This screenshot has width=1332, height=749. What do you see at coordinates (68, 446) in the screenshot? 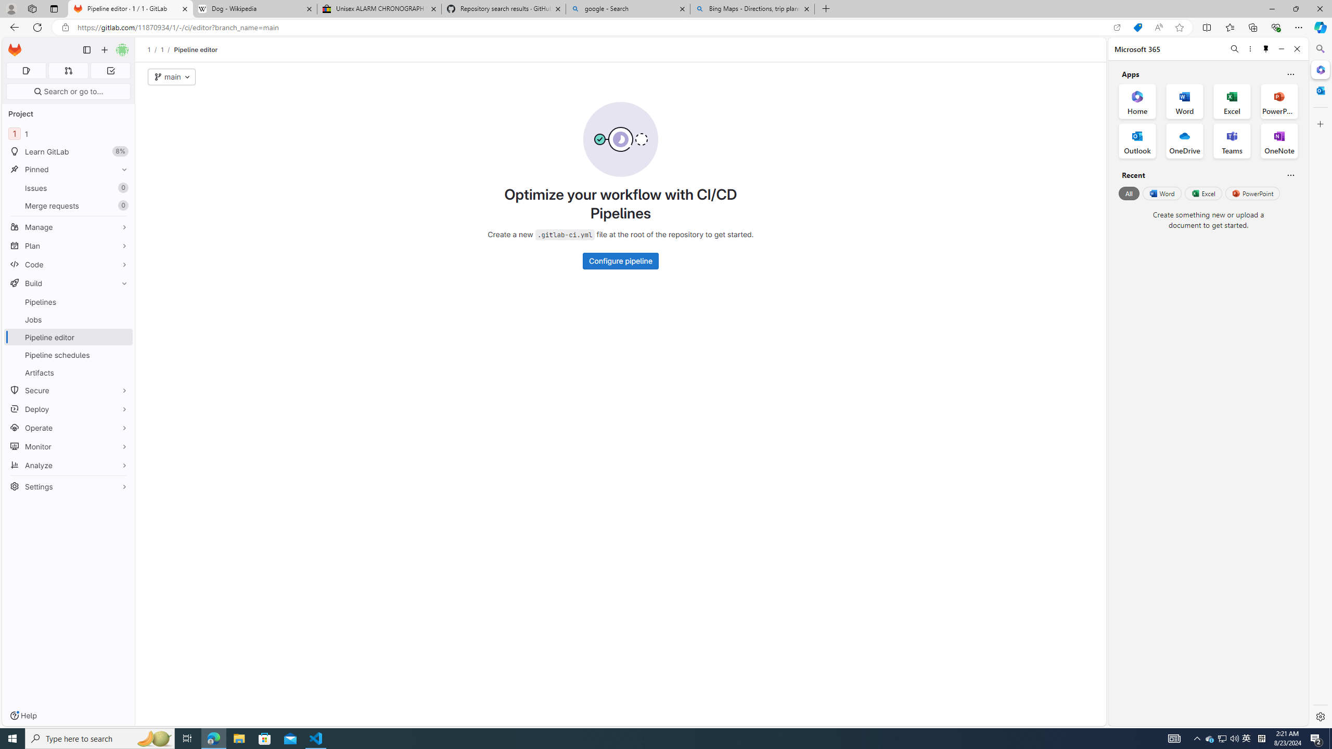
I see `'Monitor'` at bounding box center [68, 446].